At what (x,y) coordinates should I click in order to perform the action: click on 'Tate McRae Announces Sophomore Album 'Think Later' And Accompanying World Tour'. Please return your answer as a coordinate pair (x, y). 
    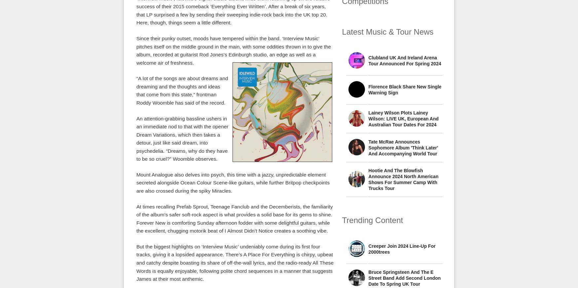
    Looking at the image, I should click on (403, 147).